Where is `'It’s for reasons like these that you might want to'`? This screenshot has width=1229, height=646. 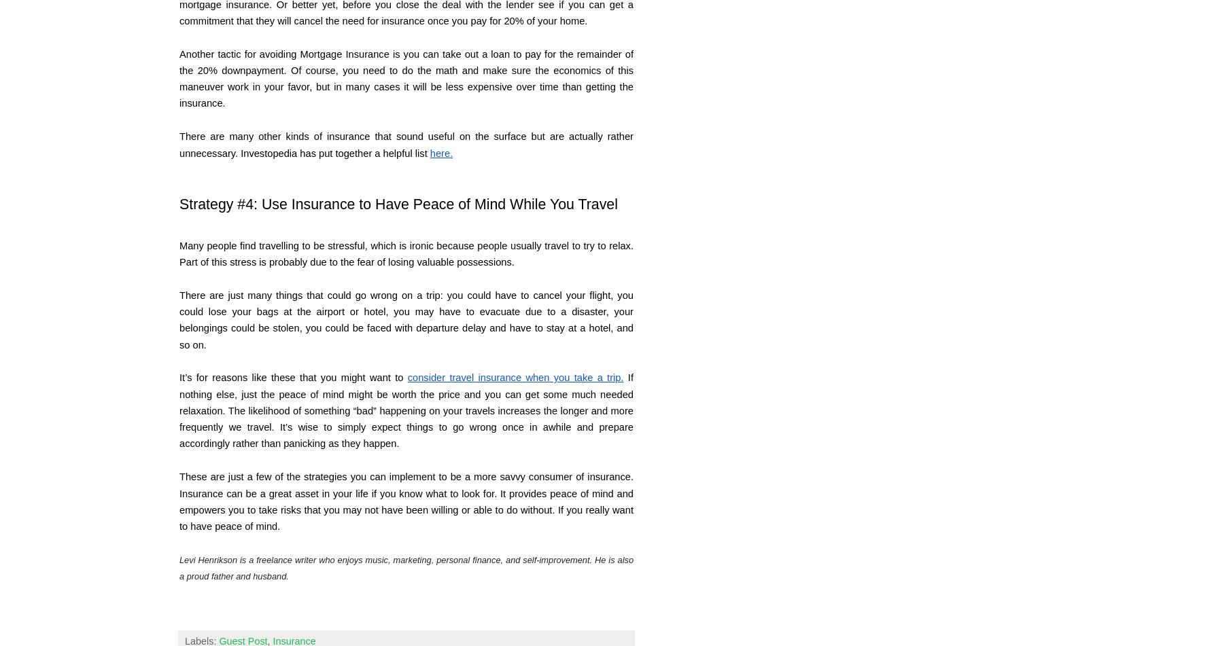
'It’s for reasons like these that you might want to' is located at coordinates (292, 376).